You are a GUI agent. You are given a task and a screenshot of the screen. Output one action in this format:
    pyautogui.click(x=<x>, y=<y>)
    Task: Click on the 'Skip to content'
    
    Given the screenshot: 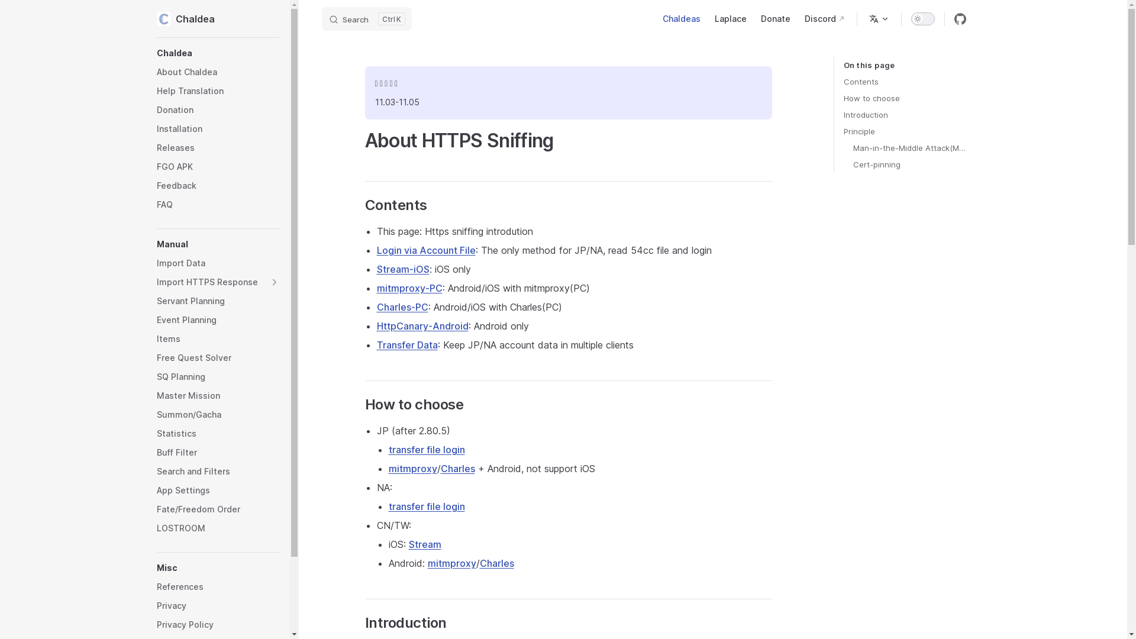 What is the action you would take?
    pyautogui.click(x=19, y=13)
    